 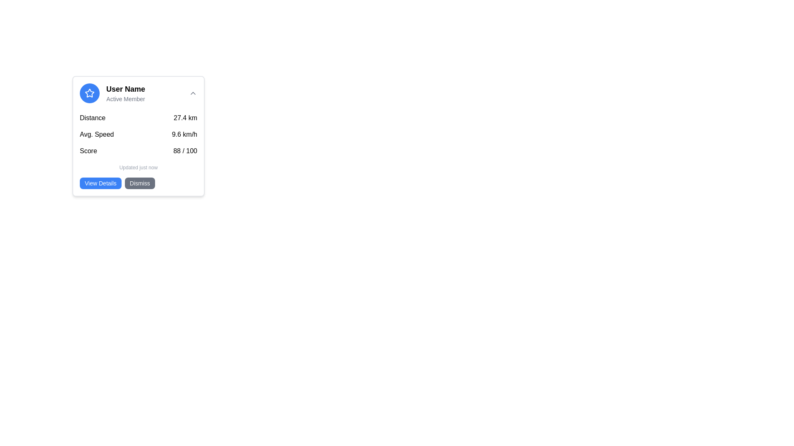 What do you see at coordinates (93, 118) in the screenshot?
I see `the static text label displaying the word 'Distance', which is positioned to the left of the numeric value '27.4 km' within a card-like component` at bounding box center [93, 118].